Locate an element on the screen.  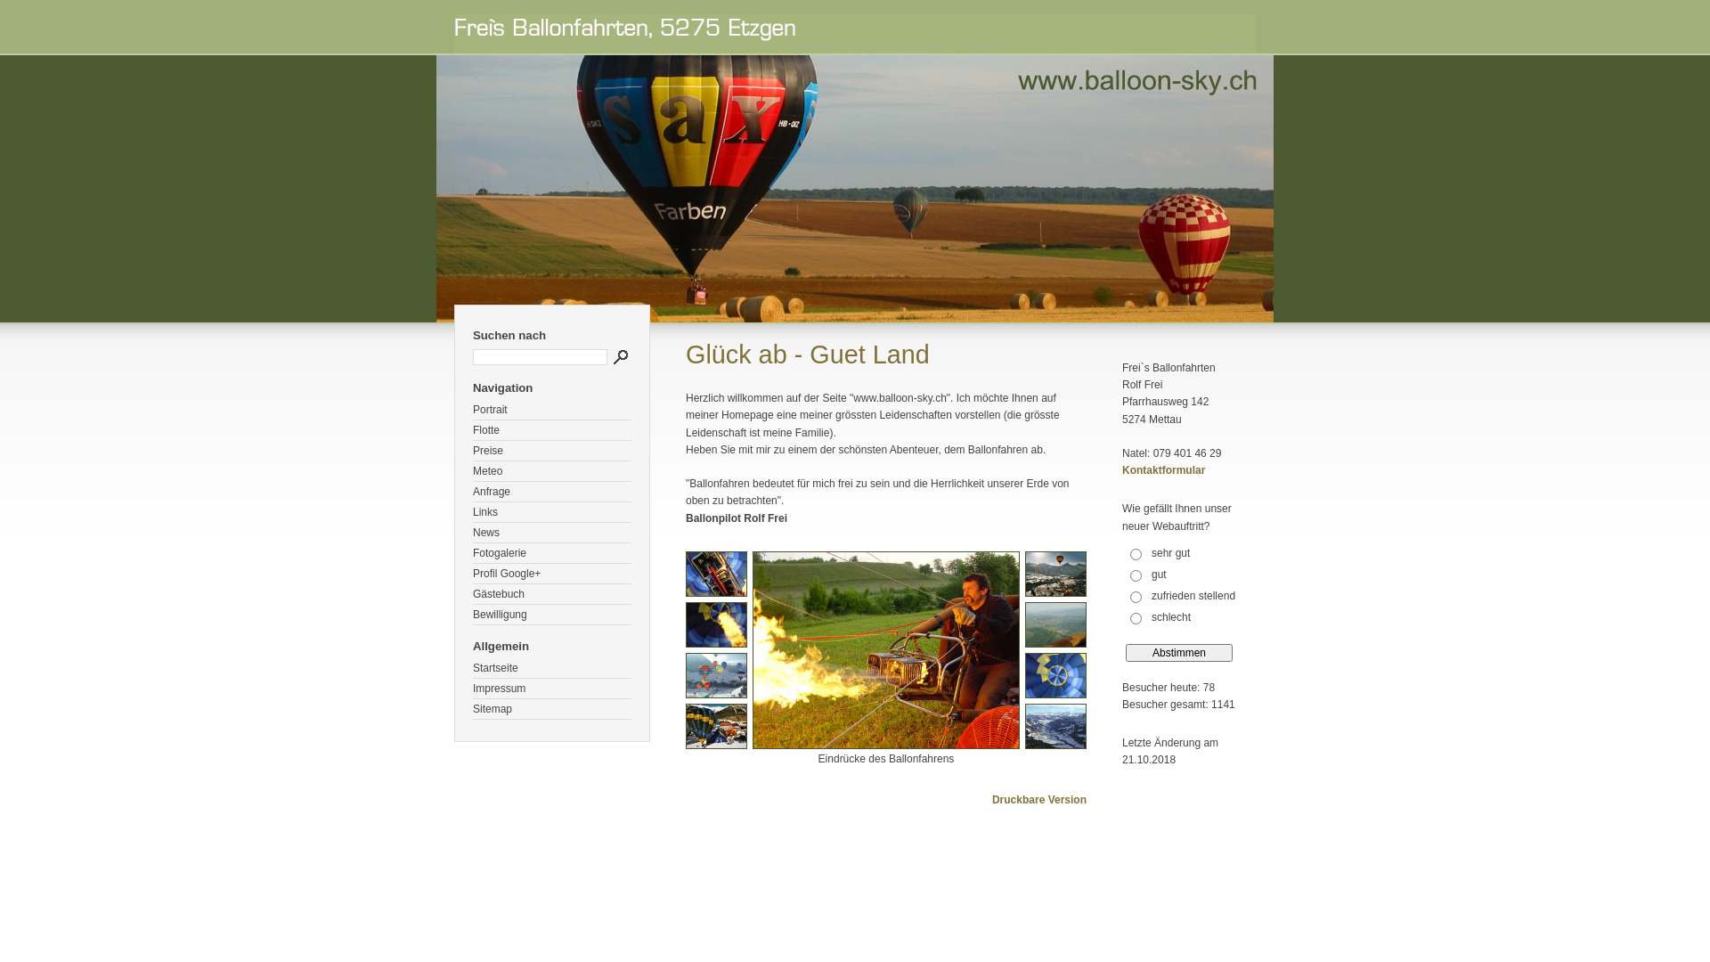
'Abstimmen' is located at coordinates (1179, 652).